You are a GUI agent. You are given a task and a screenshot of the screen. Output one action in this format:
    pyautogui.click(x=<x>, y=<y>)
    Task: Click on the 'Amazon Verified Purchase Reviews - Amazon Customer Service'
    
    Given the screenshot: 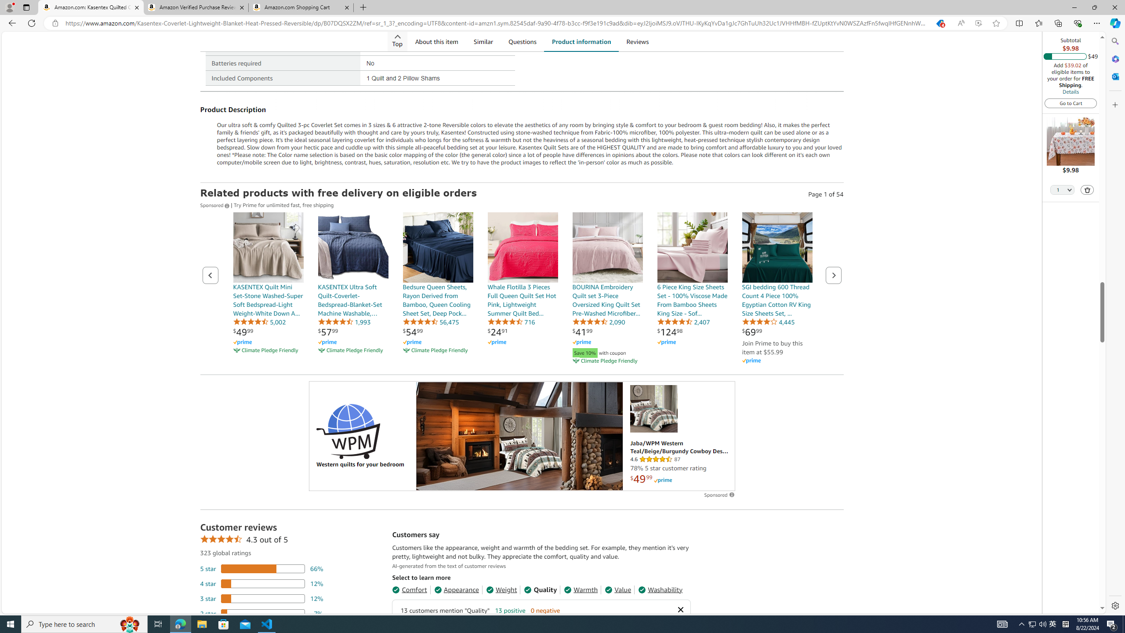 What is the action you would take?
    pyautogui.click(x=195, y=7)
    